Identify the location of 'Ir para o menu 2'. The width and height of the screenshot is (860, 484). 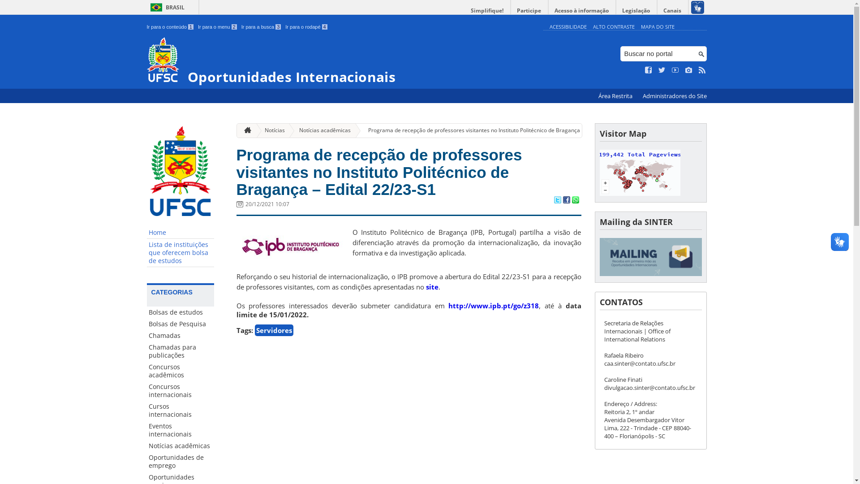
(217, 26).